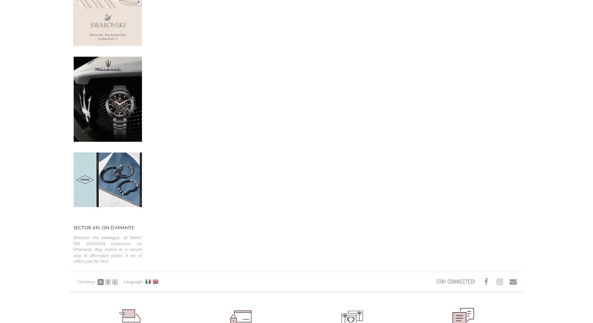  Describe the element at coordinates (183, 70) in the screenshot. I see `'E-commerce by ICOA'` at that location.